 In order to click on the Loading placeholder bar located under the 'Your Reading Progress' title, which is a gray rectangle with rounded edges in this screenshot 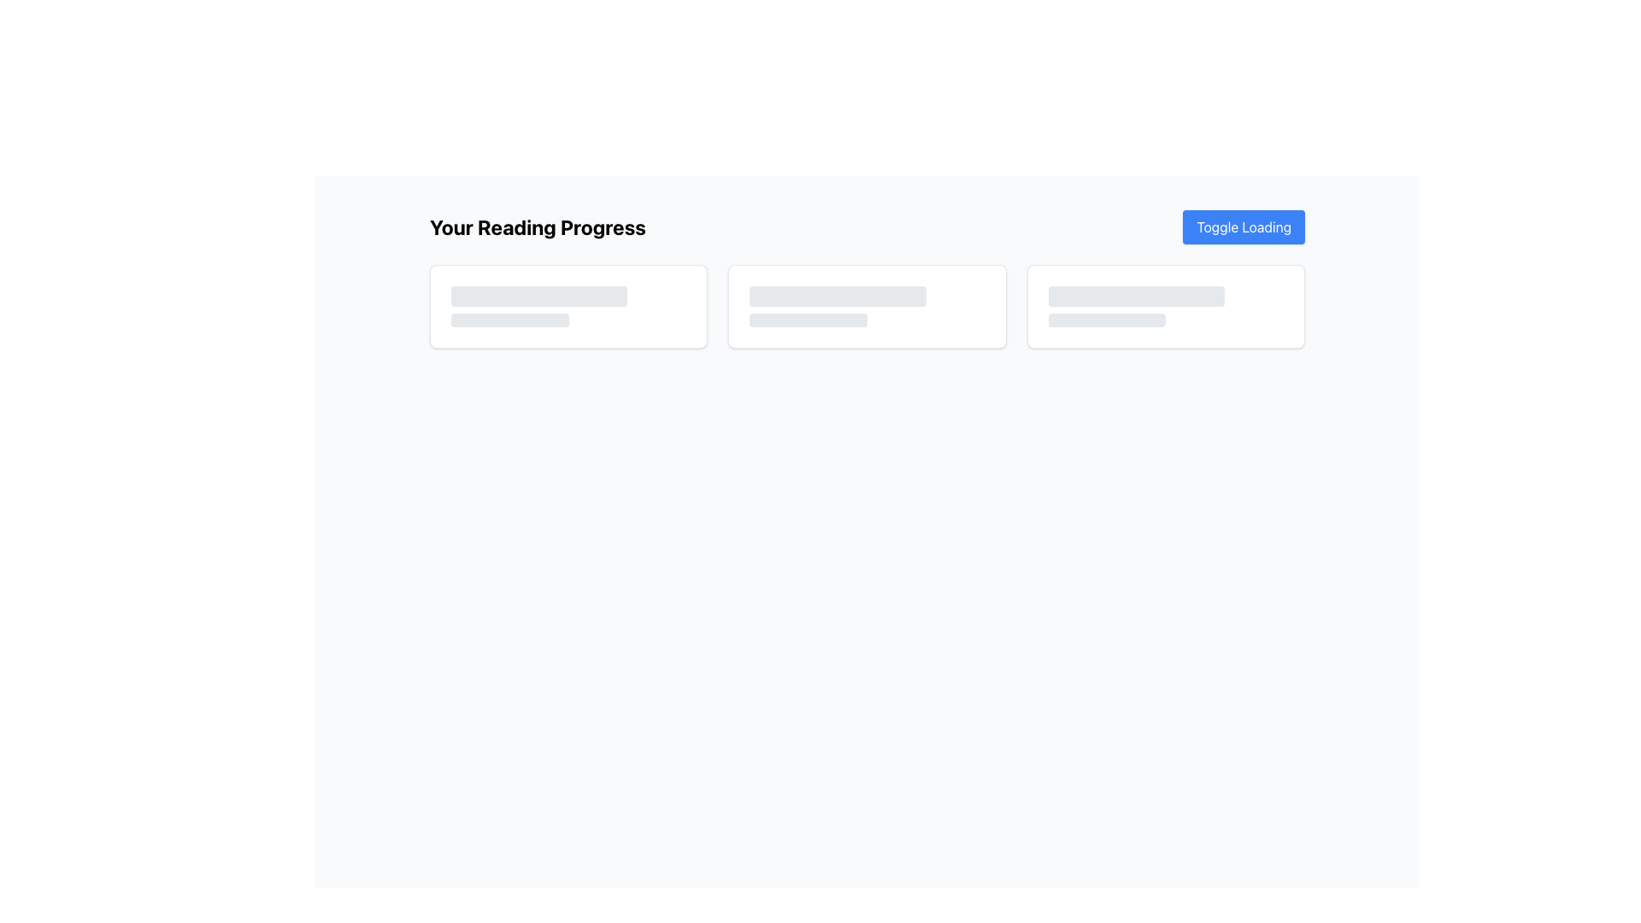, I will do `click(509, 320)`.